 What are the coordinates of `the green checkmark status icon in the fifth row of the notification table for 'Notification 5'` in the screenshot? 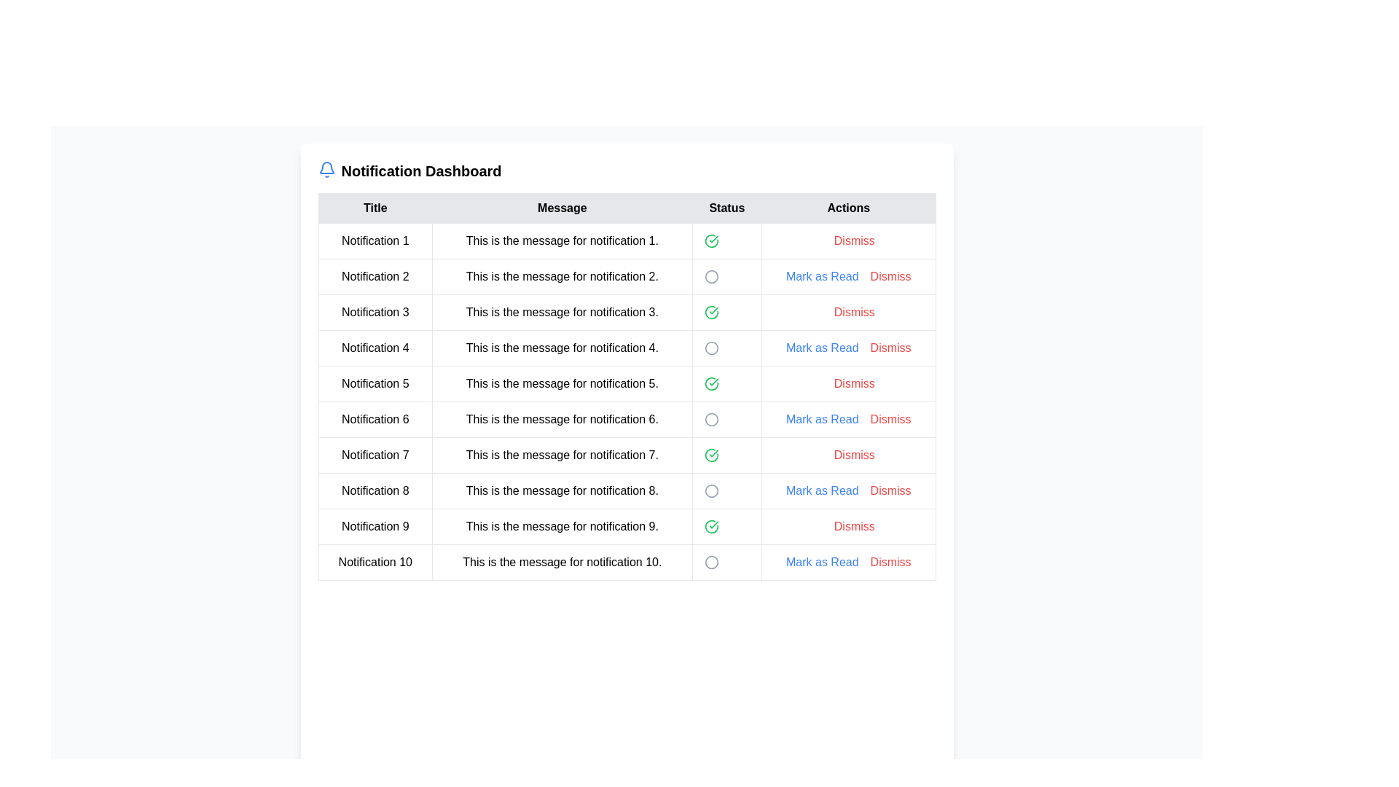 It's located at (627, 383).